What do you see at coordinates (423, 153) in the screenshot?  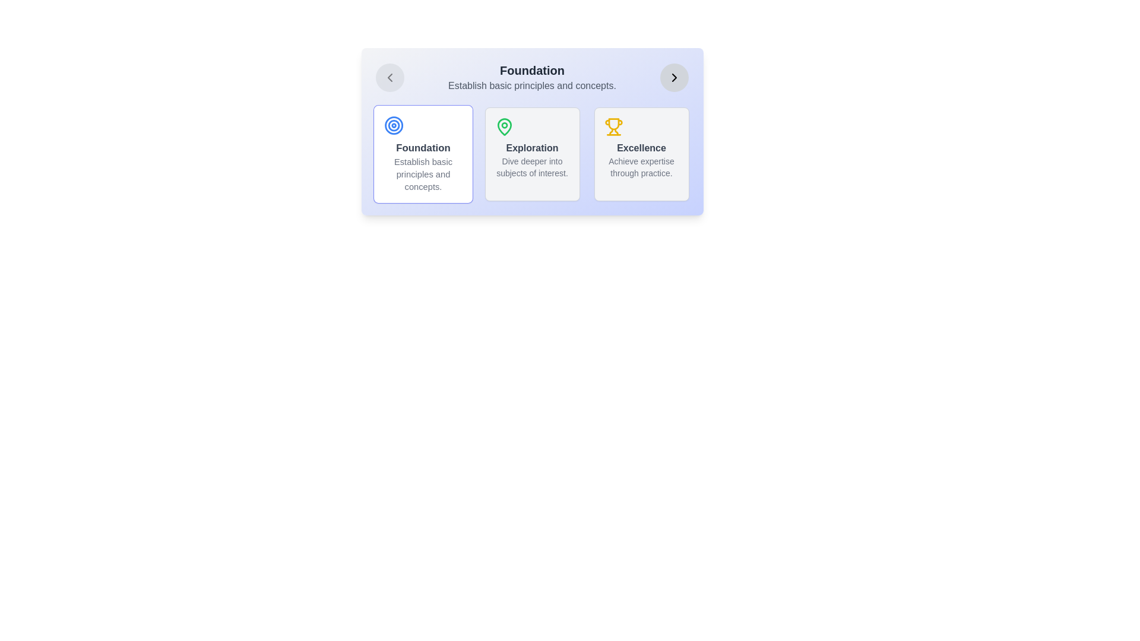 I see `the leftmost Informational Card in the grid, which features a blue target icon and the text 'Foundation'` at bounding box center [423, 153].